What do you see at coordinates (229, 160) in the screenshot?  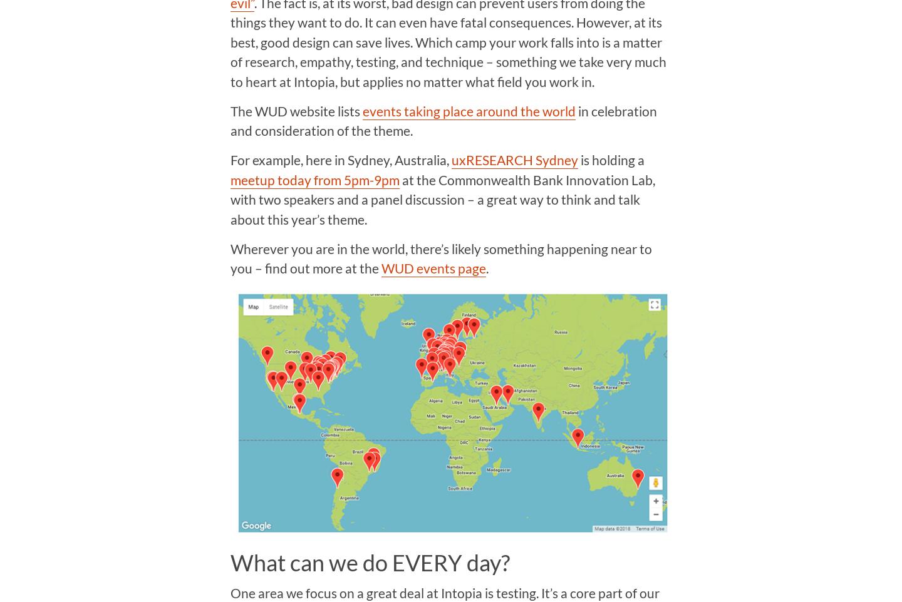 I see `'For example, here in Sydney, Australia,'` at bounding box center [229, 160].